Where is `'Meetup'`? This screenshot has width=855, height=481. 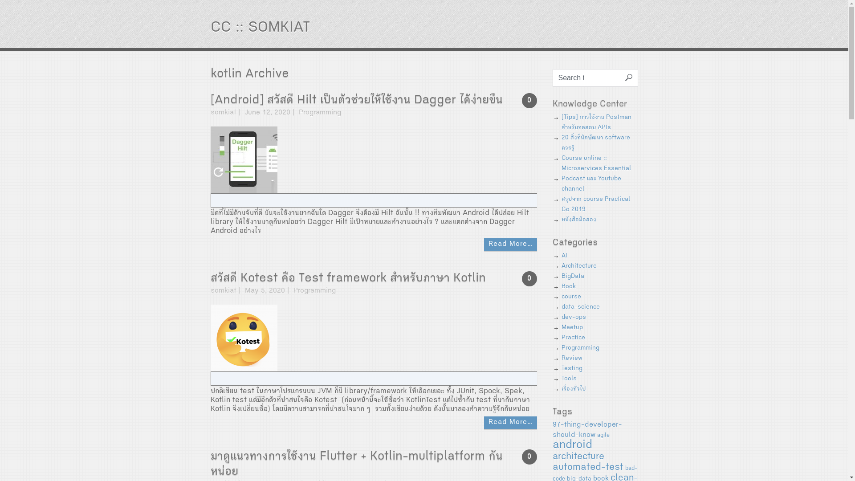
'Meetup' is located at coordinates (571, 328).